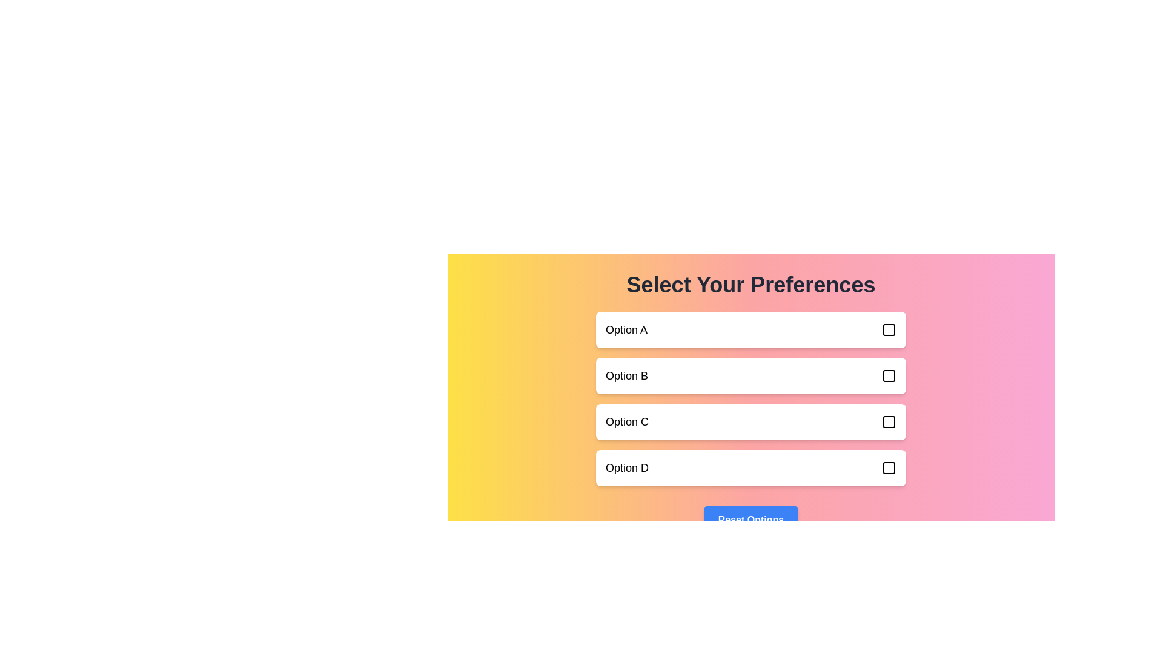 The image size is (1163, 654). I want to click on the 'Reset Options' button to reset all selected options, so click(750, 520).